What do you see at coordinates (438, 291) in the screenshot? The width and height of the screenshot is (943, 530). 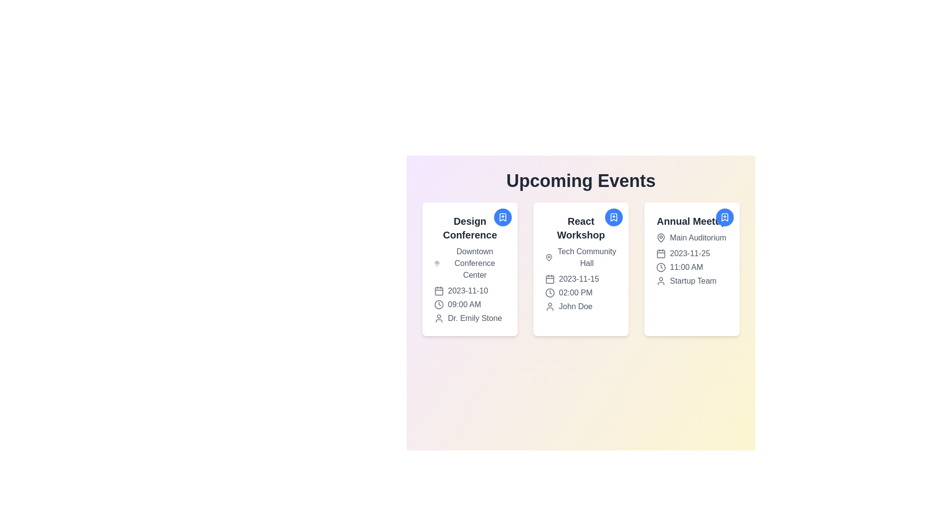 I see `the small gray calendar icon located to the left of the '2023-11-10' date text in the 'Design Conference' card within the 'Upcoming Events' section` at bounding box center [438, 291].